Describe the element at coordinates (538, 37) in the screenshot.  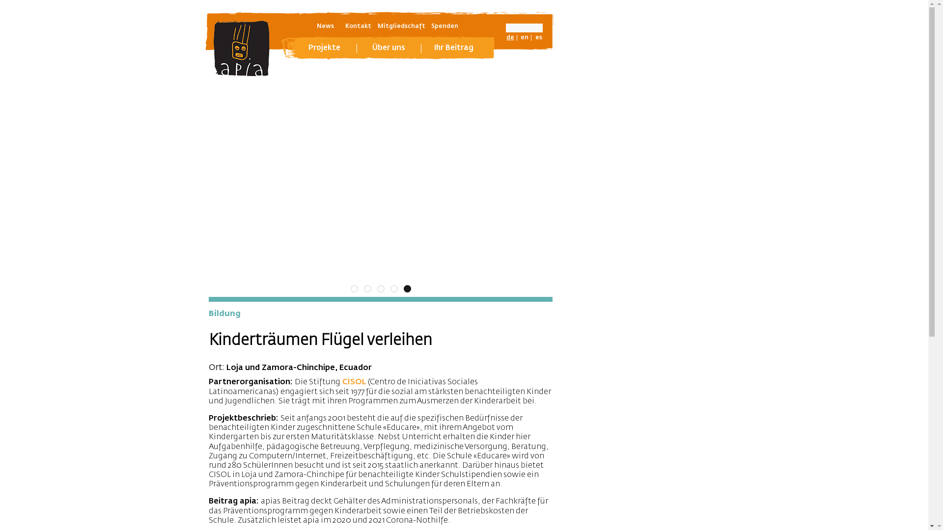
I see `'es'` at that location.